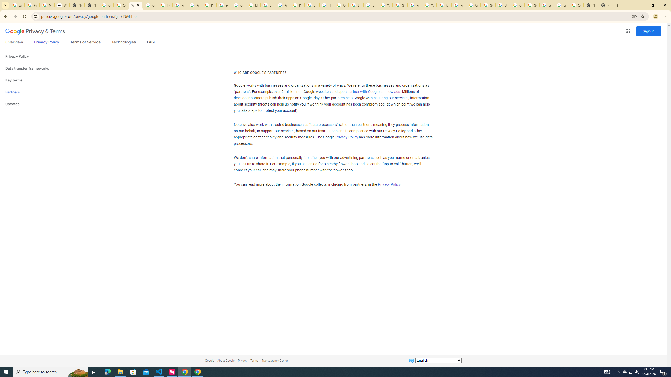 This screenshot has height=377, width=671. What do you see at coordinates (532, 5) in the screenshot?
I see `'Google Account Help'` at bounding box center [532, 5].